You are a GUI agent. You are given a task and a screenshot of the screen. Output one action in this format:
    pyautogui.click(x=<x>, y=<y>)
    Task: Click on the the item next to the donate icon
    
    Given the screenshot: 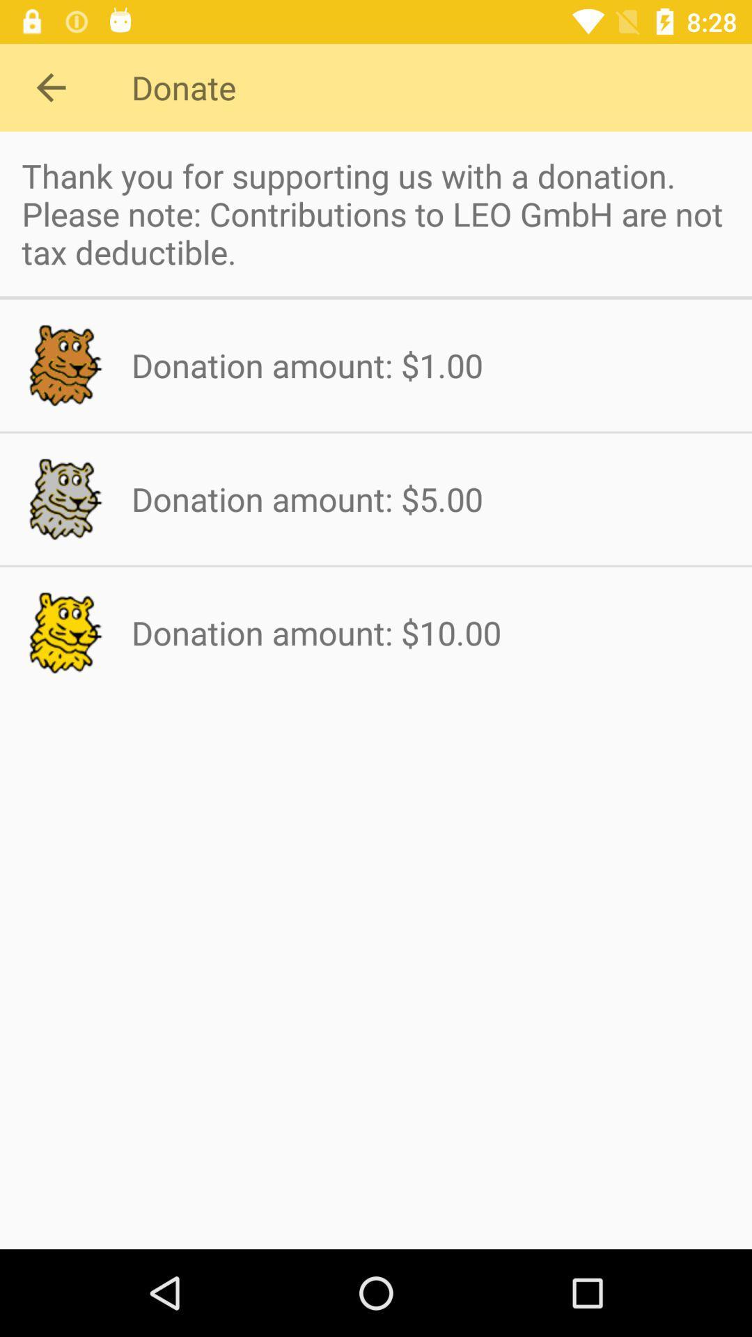 What is the action you would take?
    pyautogui.click(x=50, y=86)
    